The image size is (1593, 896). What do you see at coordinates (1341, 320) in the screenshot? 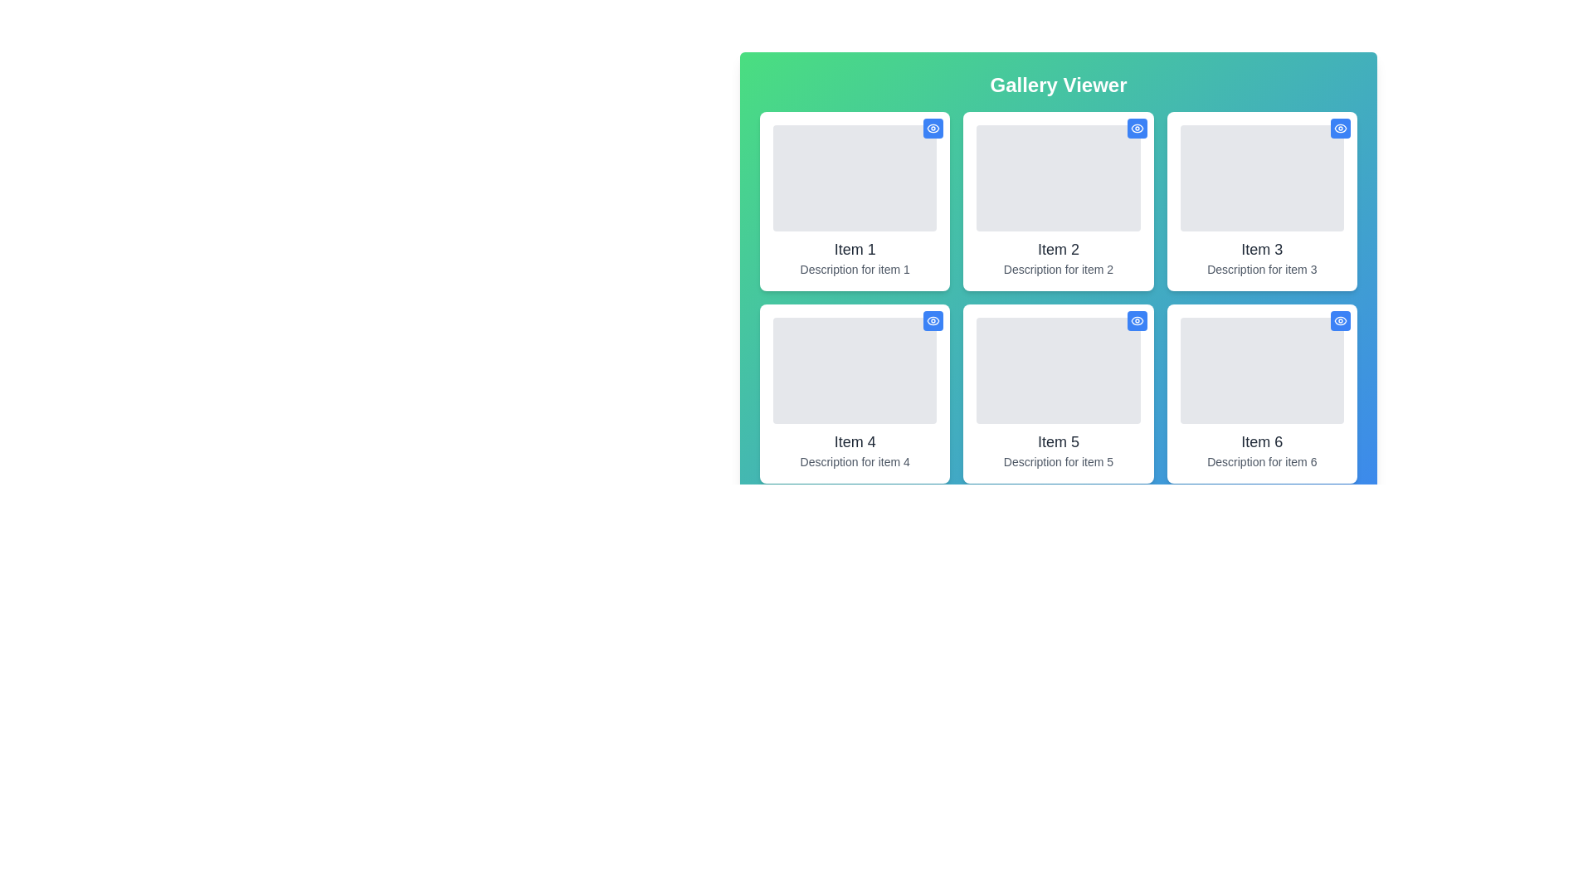
I see `the rounded blue button with a white eye icon located at the top-right corner of the card labeled 'Item 6'` at bounding box center [1341, 320].